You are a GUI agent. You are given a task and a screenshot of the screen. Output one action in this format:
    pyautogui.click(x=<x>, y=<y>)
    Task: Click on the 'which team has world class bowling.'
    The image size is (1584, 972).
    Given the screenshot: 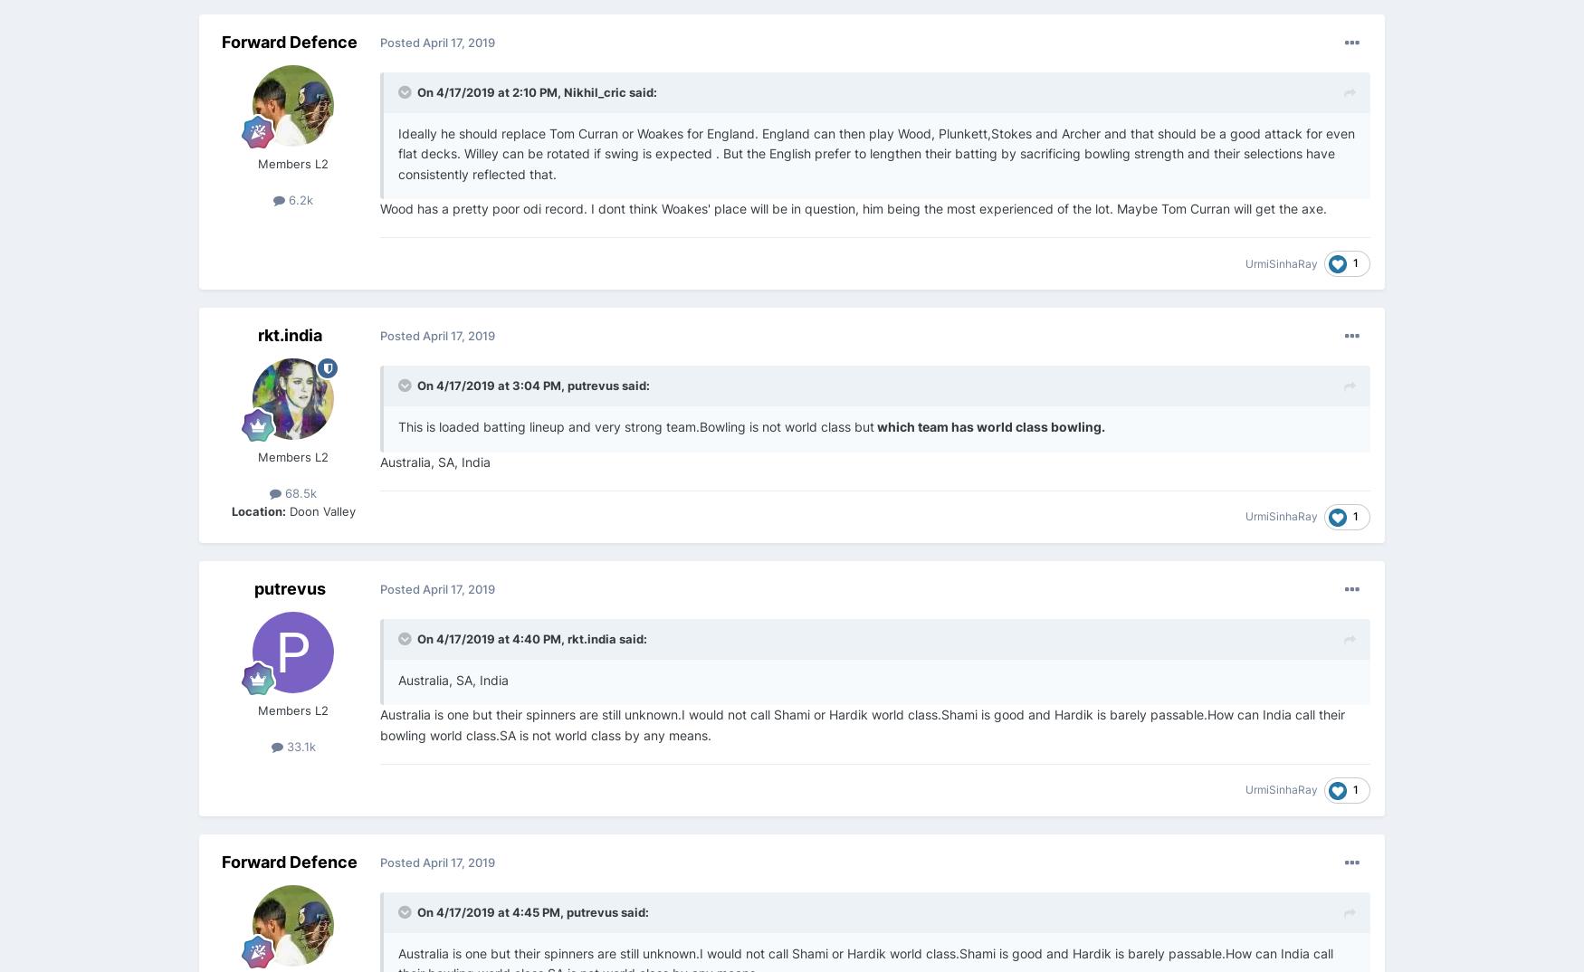 What is the action you would take?
    pyautogui.click(x=989, y=425)
    